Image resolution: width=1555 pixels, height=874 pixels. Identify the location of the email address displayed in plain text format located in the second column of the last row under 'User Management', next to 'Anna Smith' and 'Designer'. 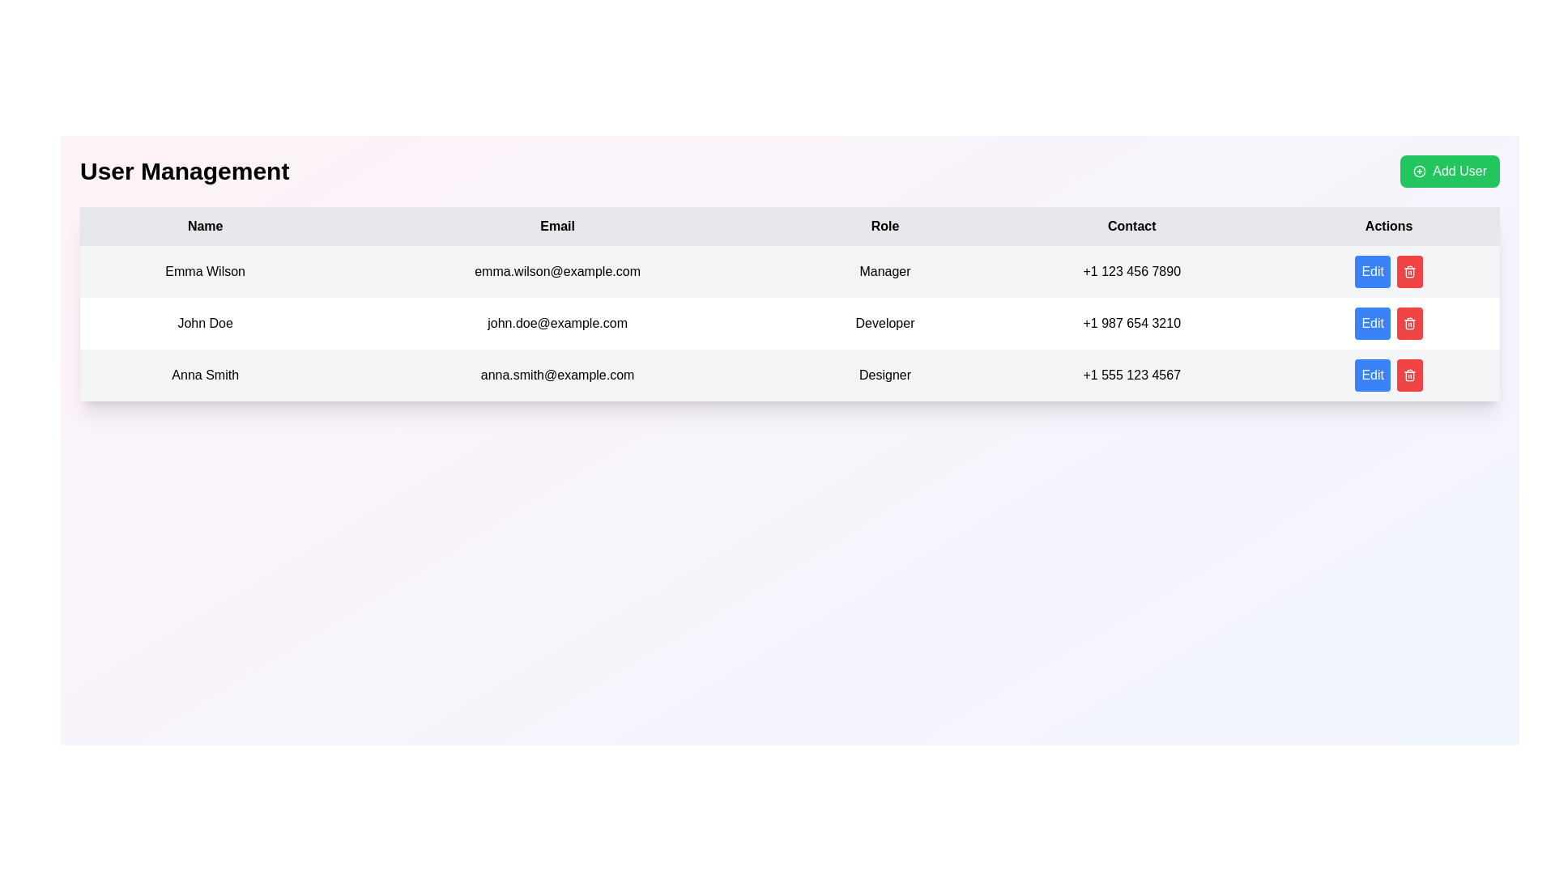
(557, 375).